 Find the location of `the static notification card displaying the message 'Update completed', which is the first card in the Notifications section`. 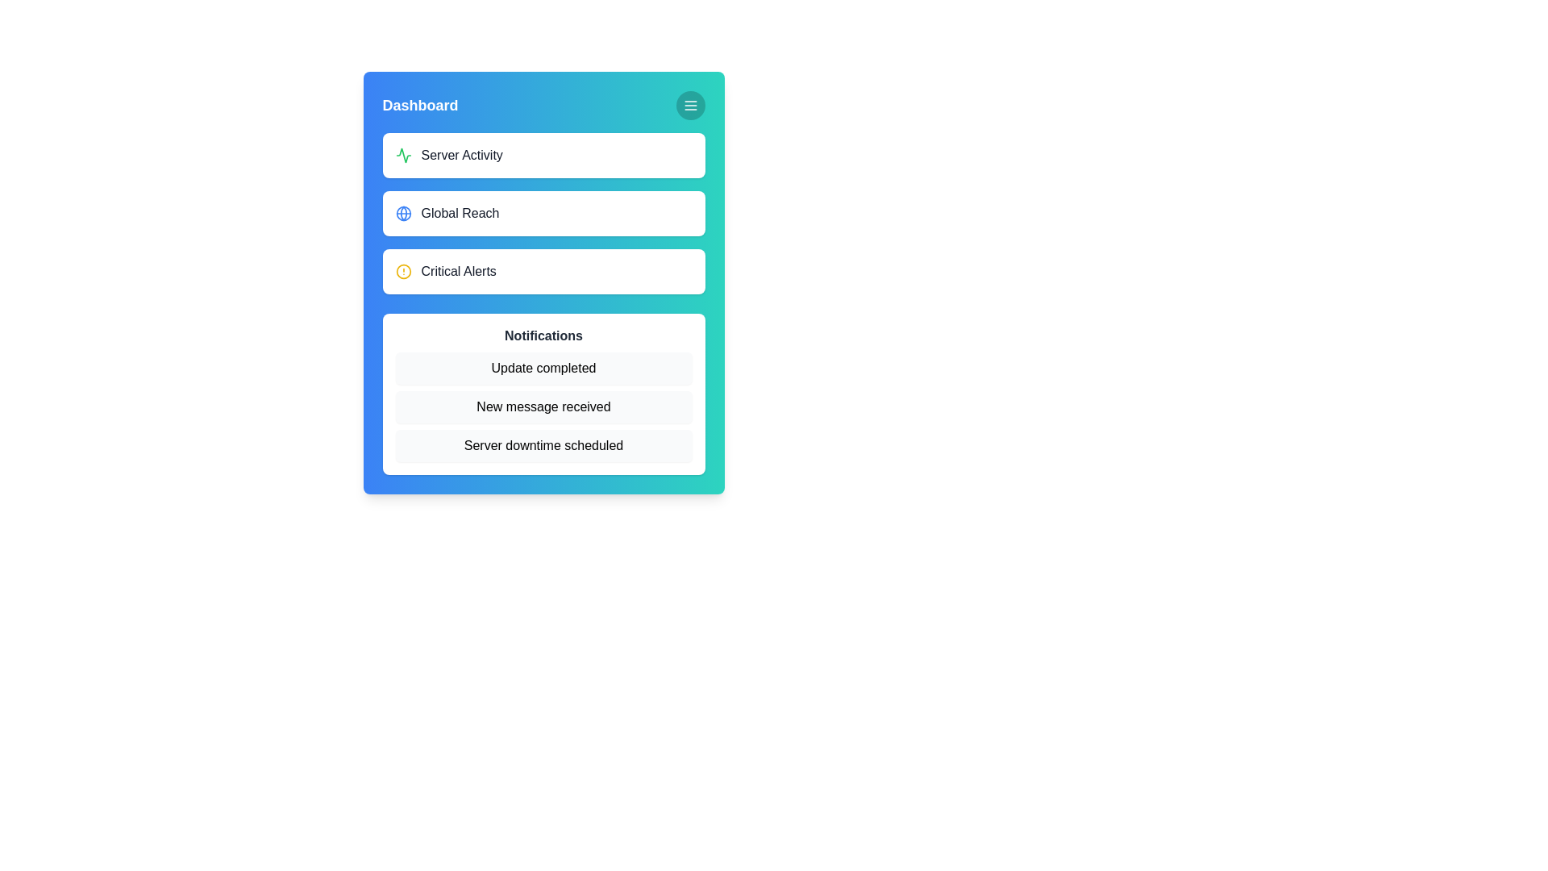

the static notification card displaying the message 'Update completed', which is the first card in the Notifications section is located at coordinates (543, 368).